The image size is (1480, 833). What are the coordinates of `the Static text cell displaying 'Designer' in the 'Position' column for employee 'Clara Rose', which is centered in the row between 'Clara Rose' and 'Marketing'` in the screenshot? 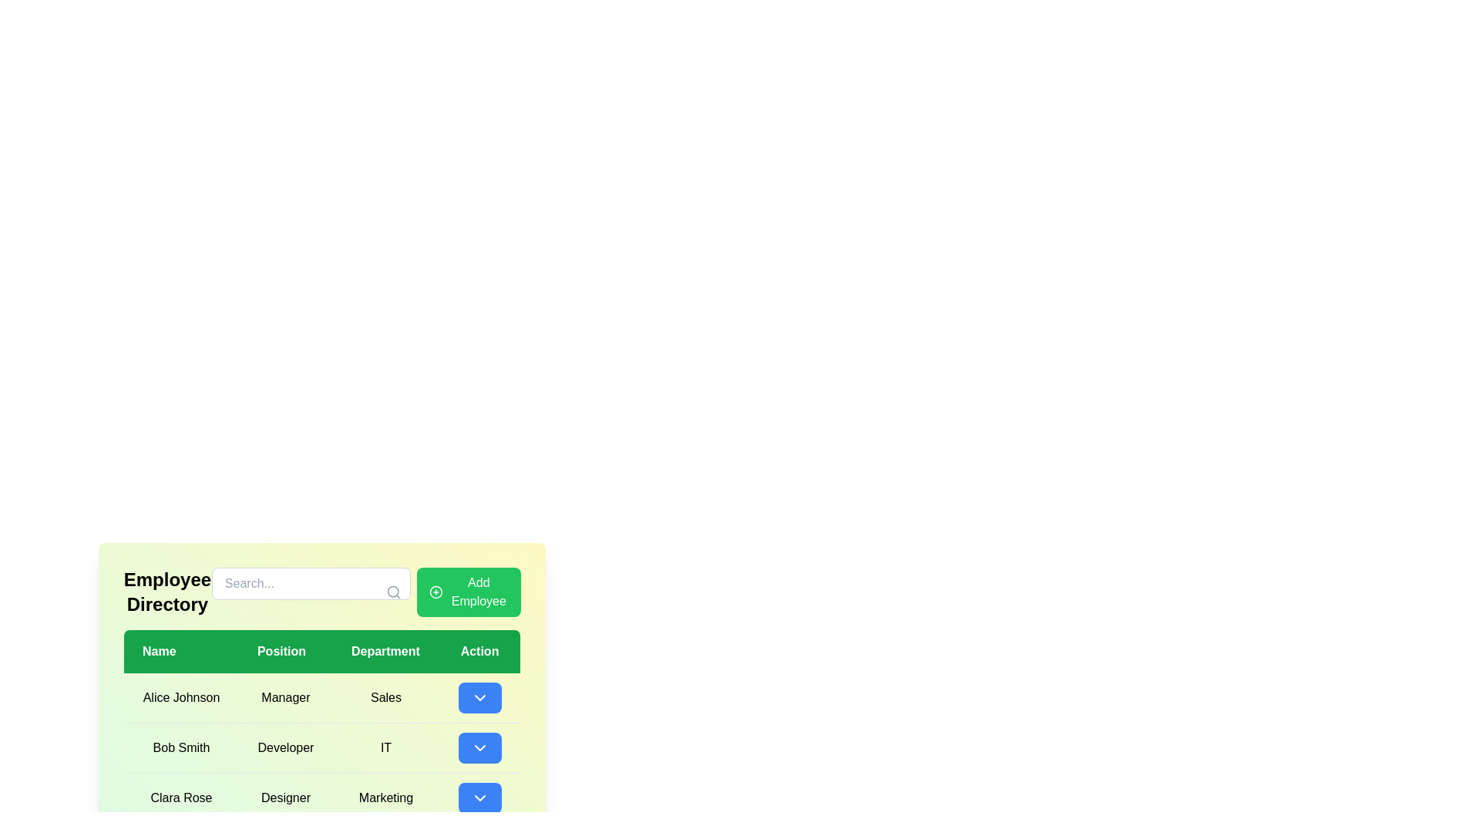 It's located at (285, 798).